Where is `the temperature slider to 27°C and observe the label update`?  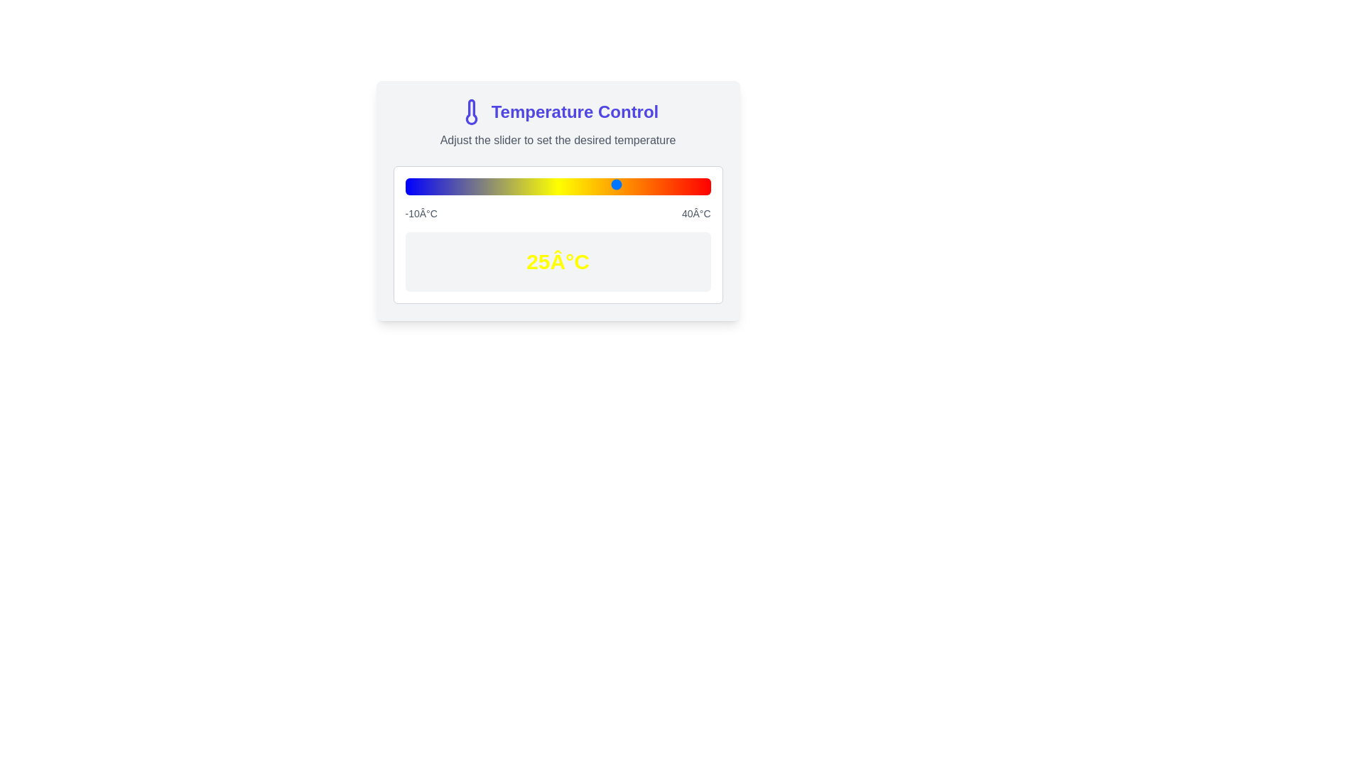 the temperature slider to 27°C and observe the label update is located at coordinates (630, 183).